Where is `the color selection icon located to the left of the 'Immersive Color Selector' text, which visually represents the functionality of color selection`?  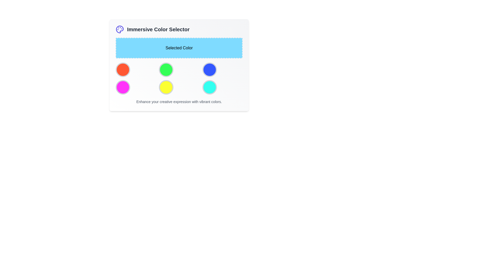
the color selection icon located to the left of the 'Immersive Color Selector' text, which visually represents the functionality of color selection is located at coordinates (119, 29).